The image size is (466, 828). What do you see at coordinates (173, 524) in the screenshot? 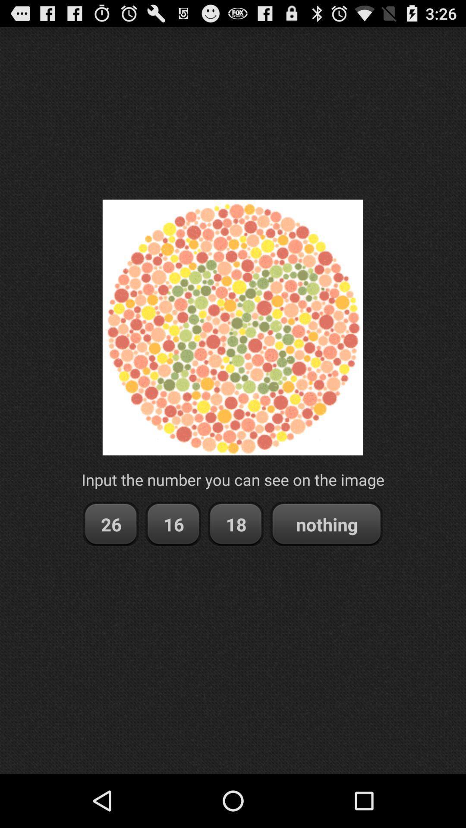
I see `item next to 18 button` at bounding box center [173, 524].